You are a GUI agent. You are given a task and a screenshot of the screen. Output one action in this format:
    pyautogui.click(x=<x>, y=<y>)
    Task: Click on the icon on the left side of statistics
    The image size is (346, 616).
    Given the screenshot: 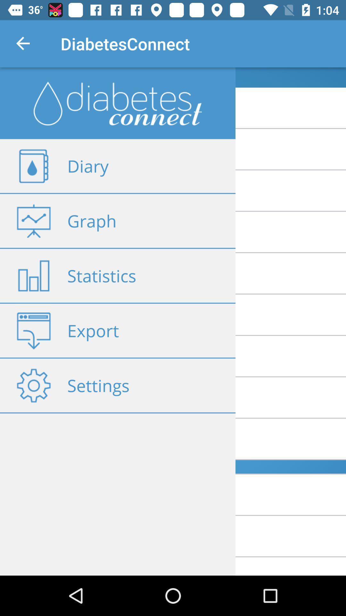 What is the action you would take?
    pyautogui.click(x=33, y=276)
    